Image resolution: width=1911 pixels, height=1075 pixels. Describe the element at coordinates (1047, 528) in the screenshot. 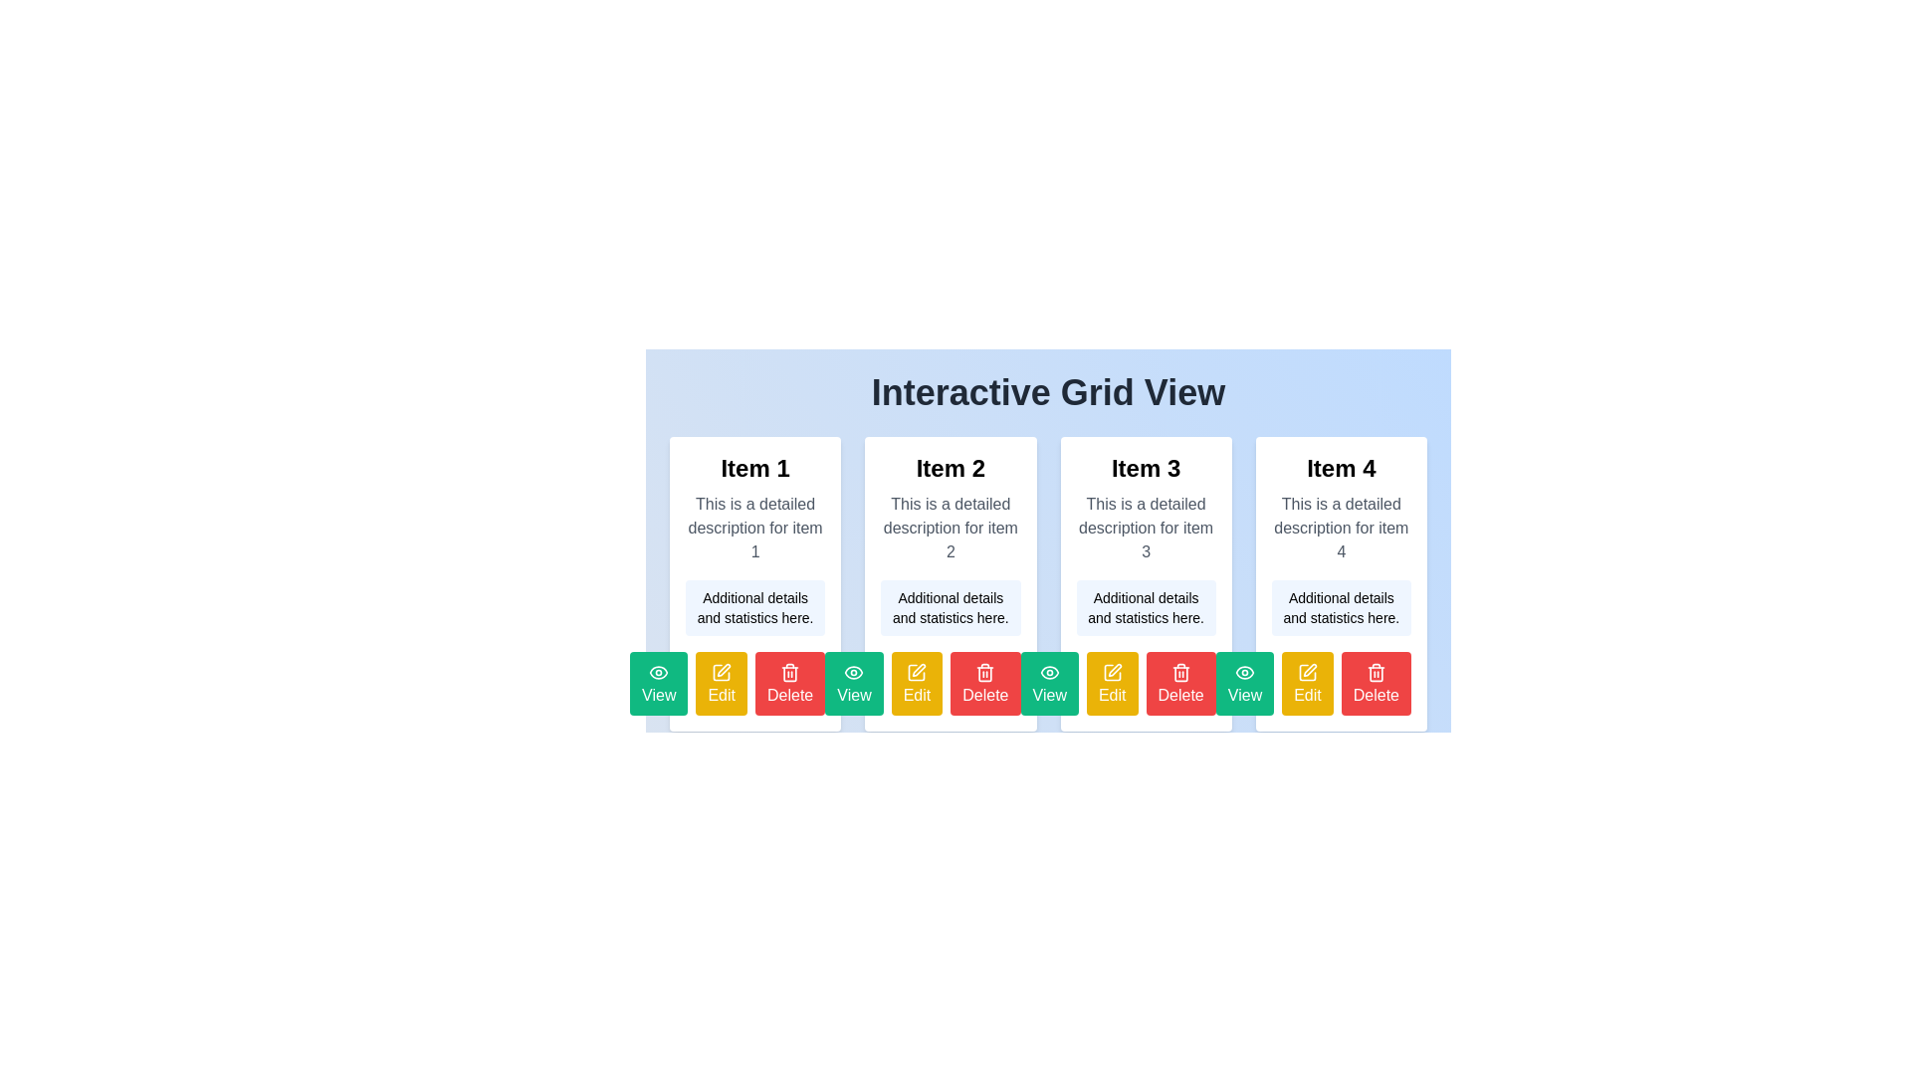

I see `the 'Edit' button on the third Card component in the grid layout that contains information about a specific item` at that location.